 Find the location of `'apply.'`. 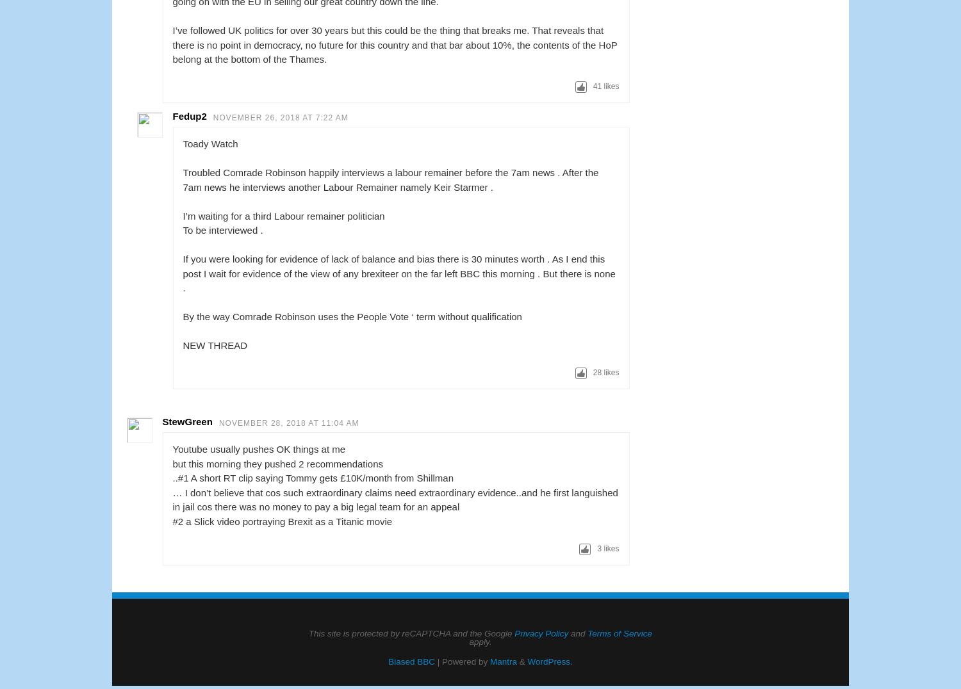

'apply.' is located at coordinates (479, 641).